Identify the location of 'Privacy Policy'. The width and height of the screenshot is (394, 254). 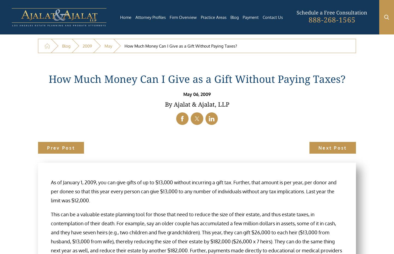
(246, 187).